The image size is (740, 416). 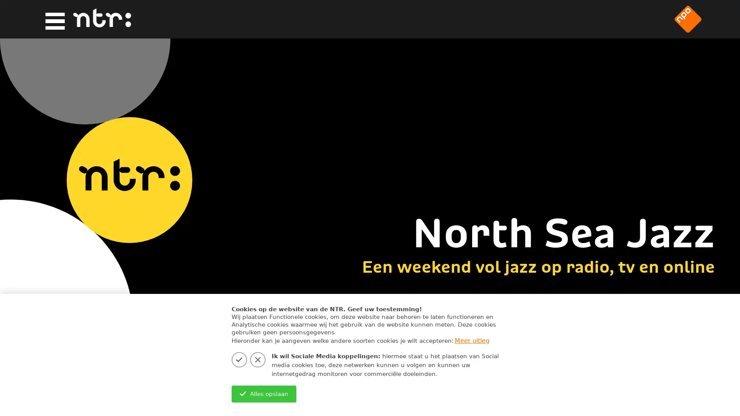 What do you see at coordinates (52, 19) in the screenshot?
I see `Hoofdmenu` at bounding box center [52, 19].